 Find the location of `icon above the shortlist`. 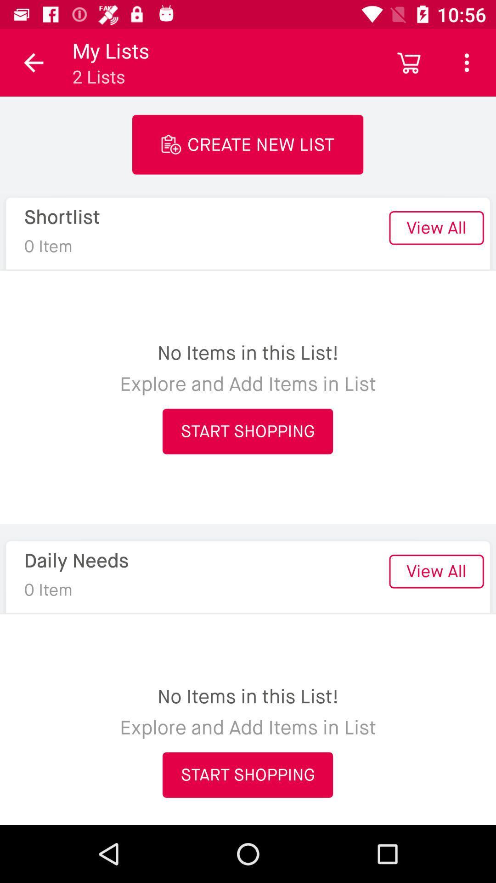

icon above the shortlist is located at coordinates (33, 62).